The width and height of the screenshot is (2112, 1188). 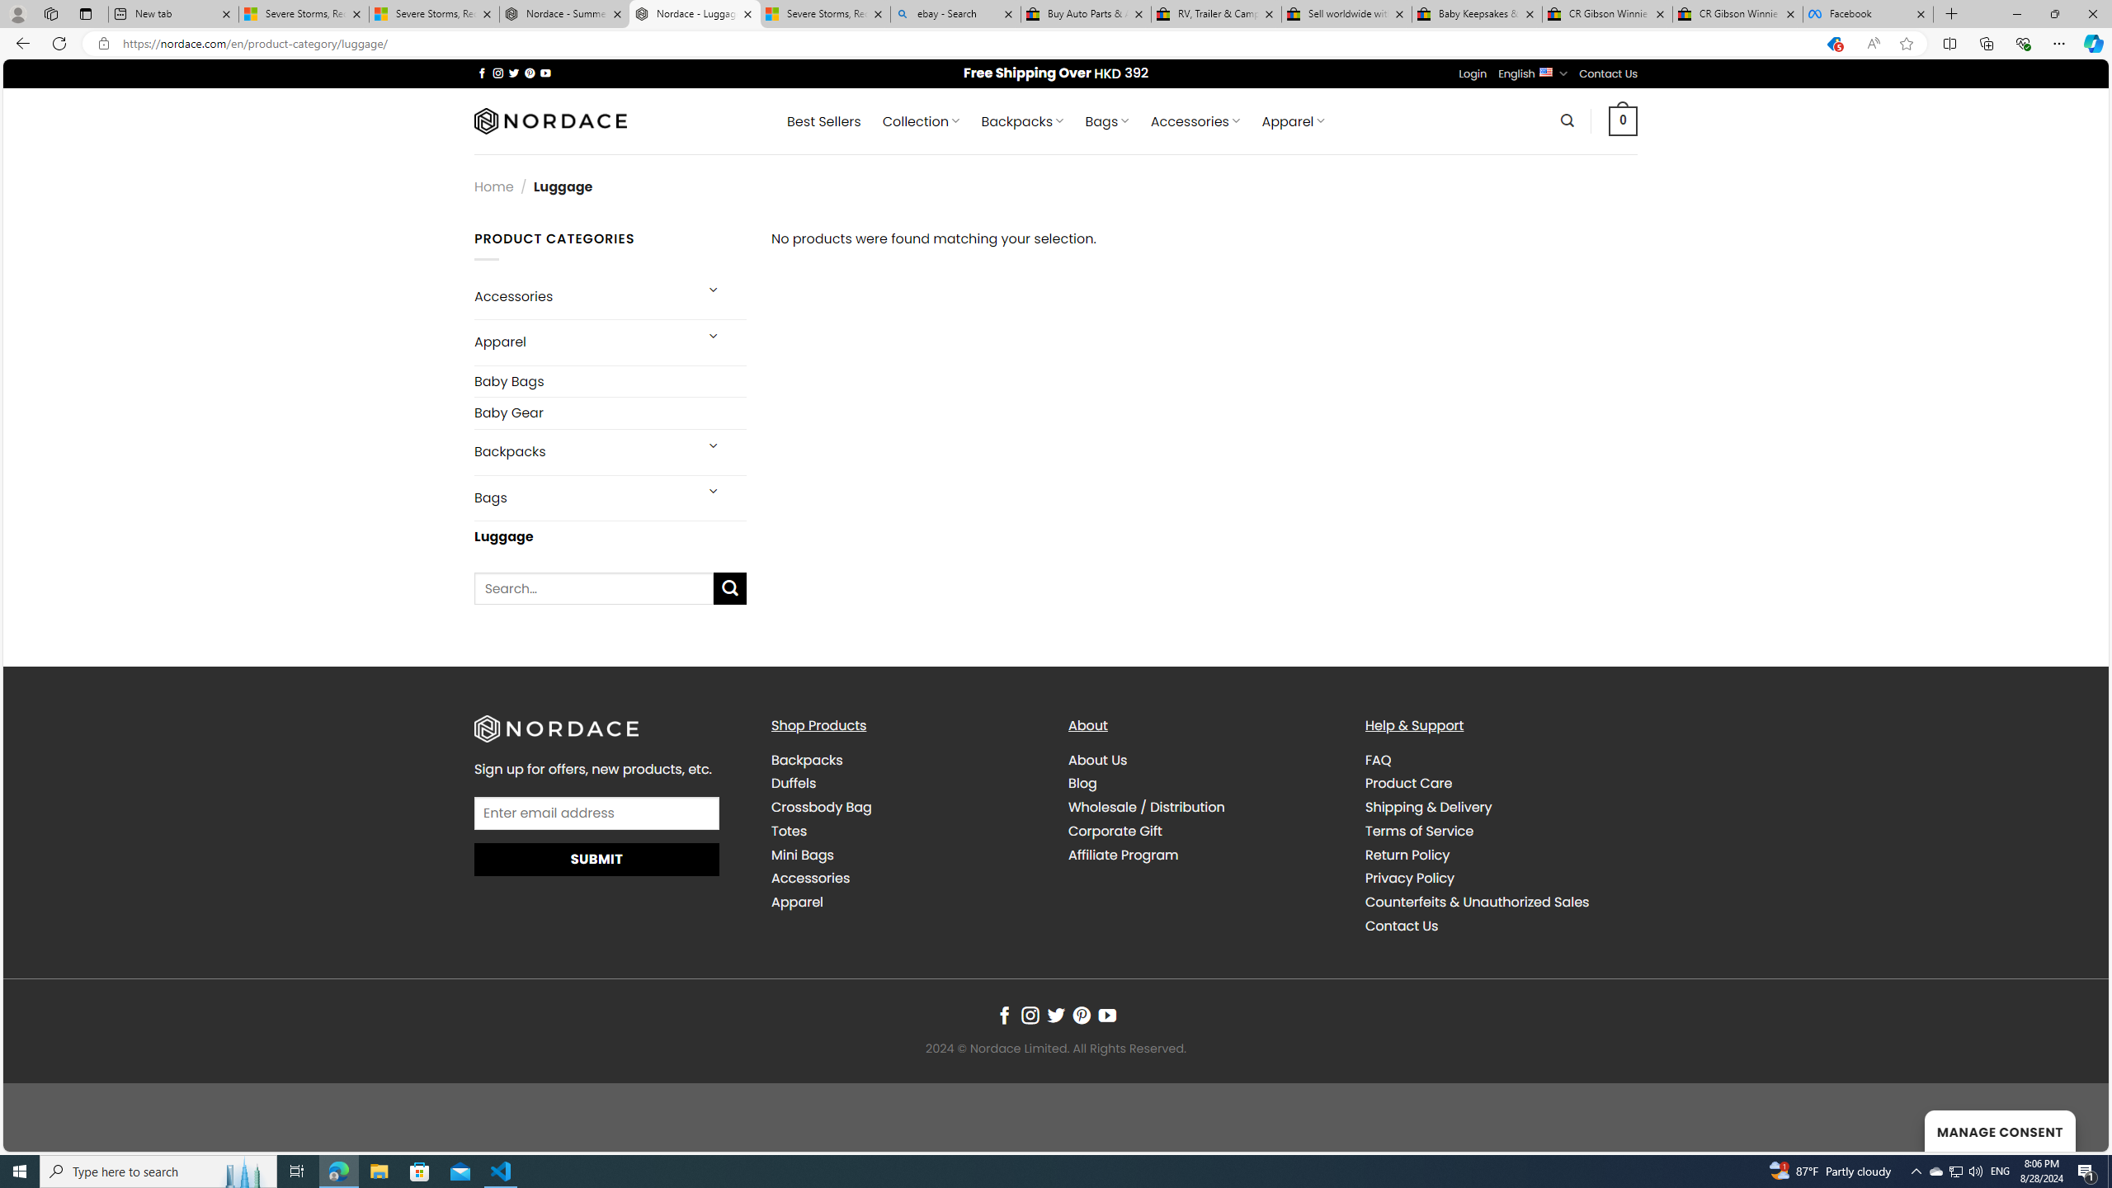 What do you see at coordinates (596, 859) in the screenshot?
I see `'Submit'` at bounding box center [596, 859].